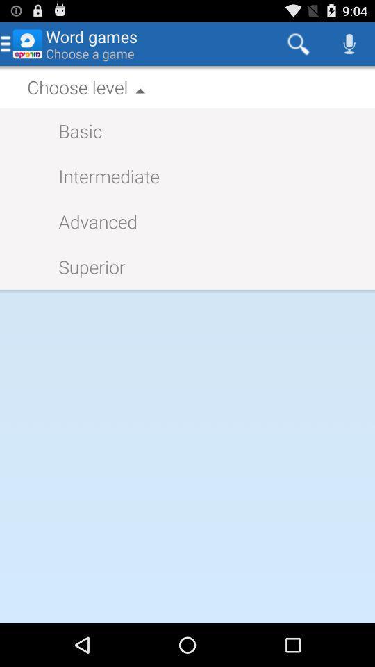 This screenshot has height=667, width=375. Describe the element at coordinates (91, 221) in the screenshot. I see `the icon above the superior` at that location.